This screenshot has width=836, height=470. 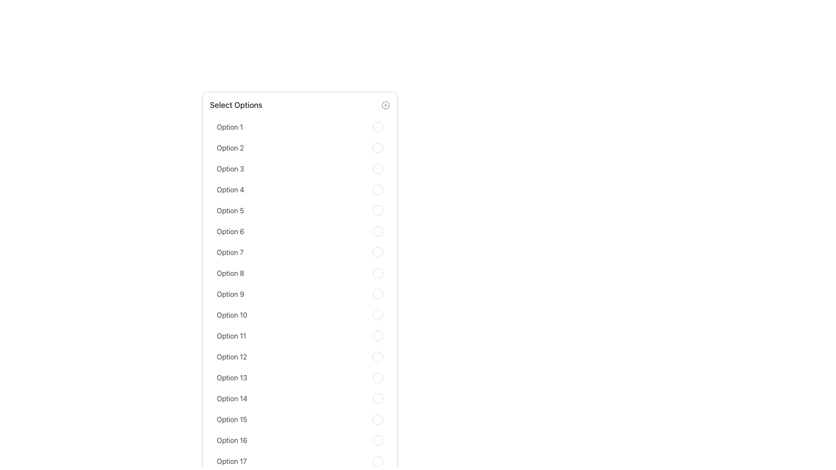 What do you see at coordinates (378, 252) in the screenshot?
I see `the circular radio button indicator located to the right of the text 'Option 7'` at bounding box center [378, 252].